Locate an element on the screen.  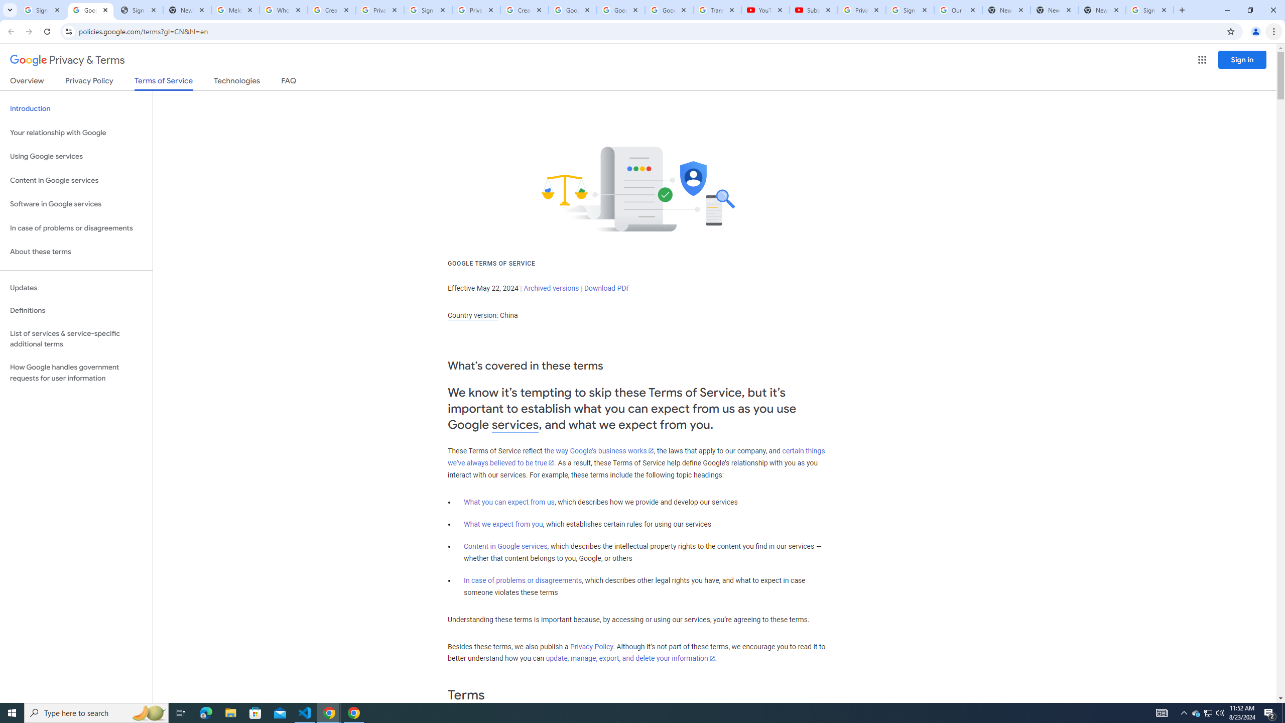
'Chrome' is located at coordinates (1274, 31).